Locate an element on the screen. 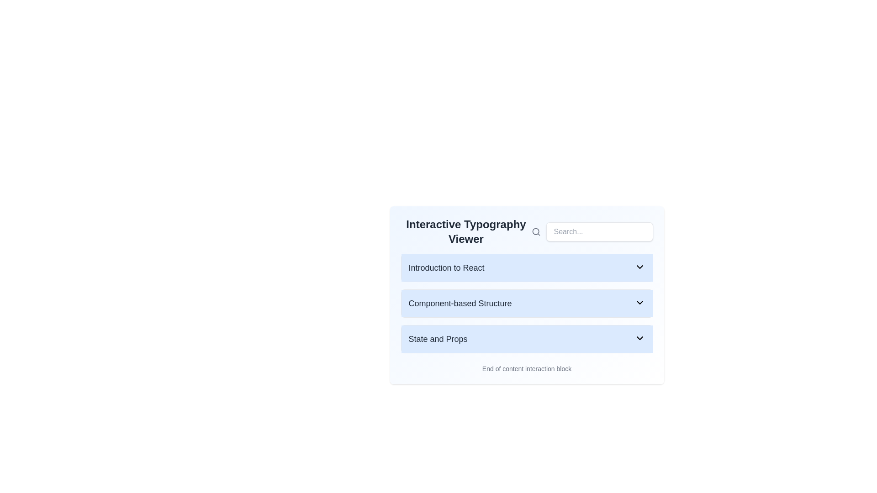 The width and height of the screenshot is (877, 493). the search icon styled as a magnifying glass located to the left of the search input box is located at coordinates (536, 231).